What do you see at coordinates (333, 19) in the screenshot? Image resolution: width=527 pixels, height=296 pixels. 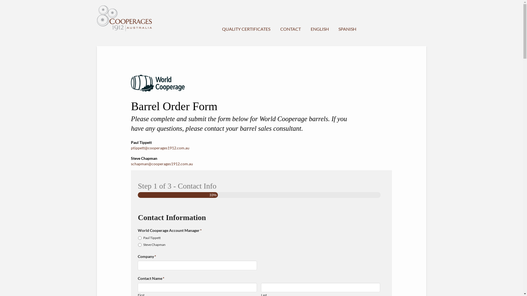 I see `'SPANISH'` at bounding box center [333, 19].